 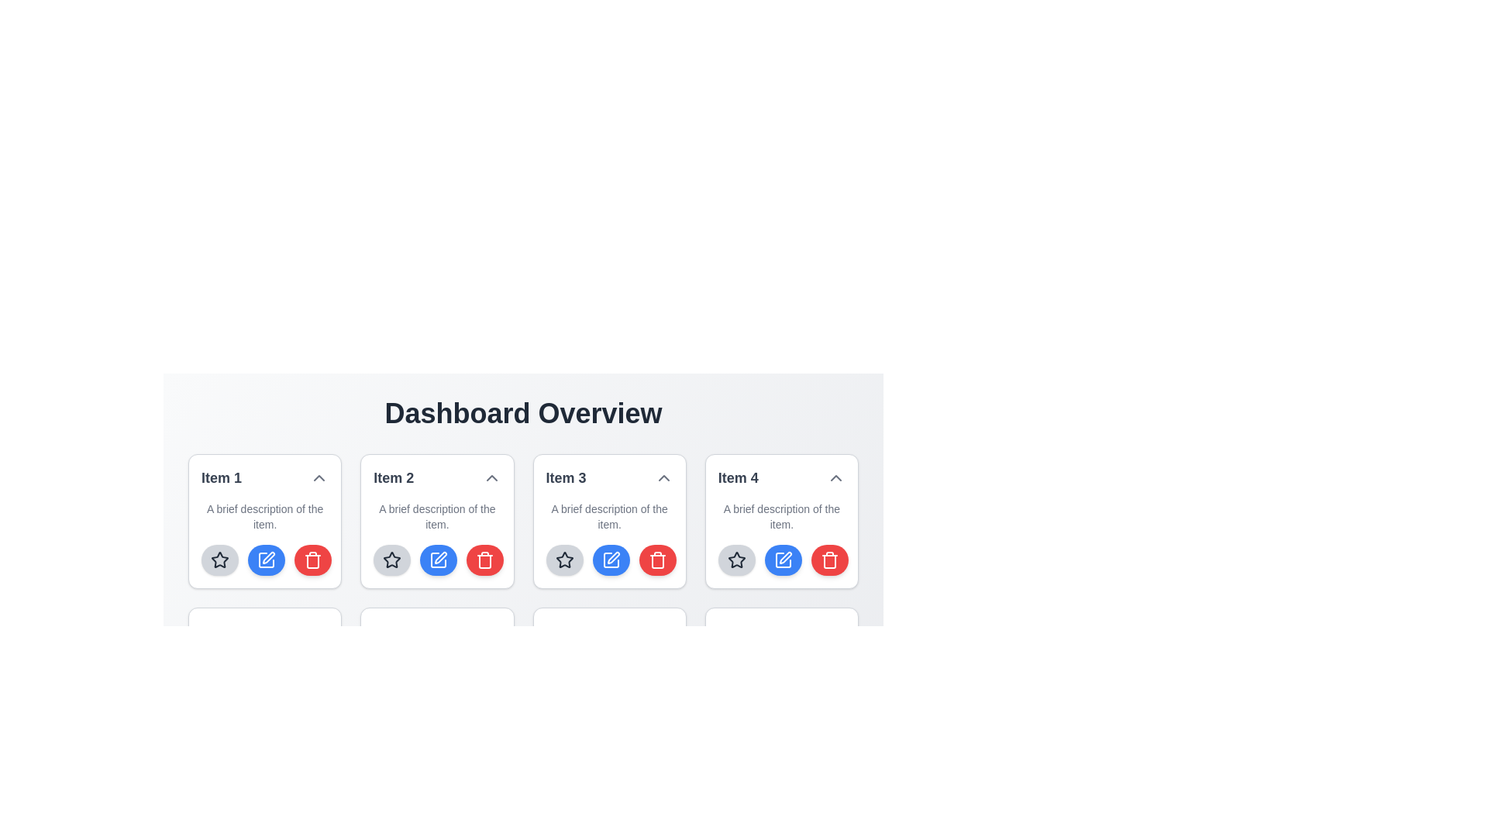 I want to click on the rounded red button with a white trash can icon, located to the right of the blue pencil button, beneath 'Item 2' in the second card of the dashboard, so click(x=312, y=560).